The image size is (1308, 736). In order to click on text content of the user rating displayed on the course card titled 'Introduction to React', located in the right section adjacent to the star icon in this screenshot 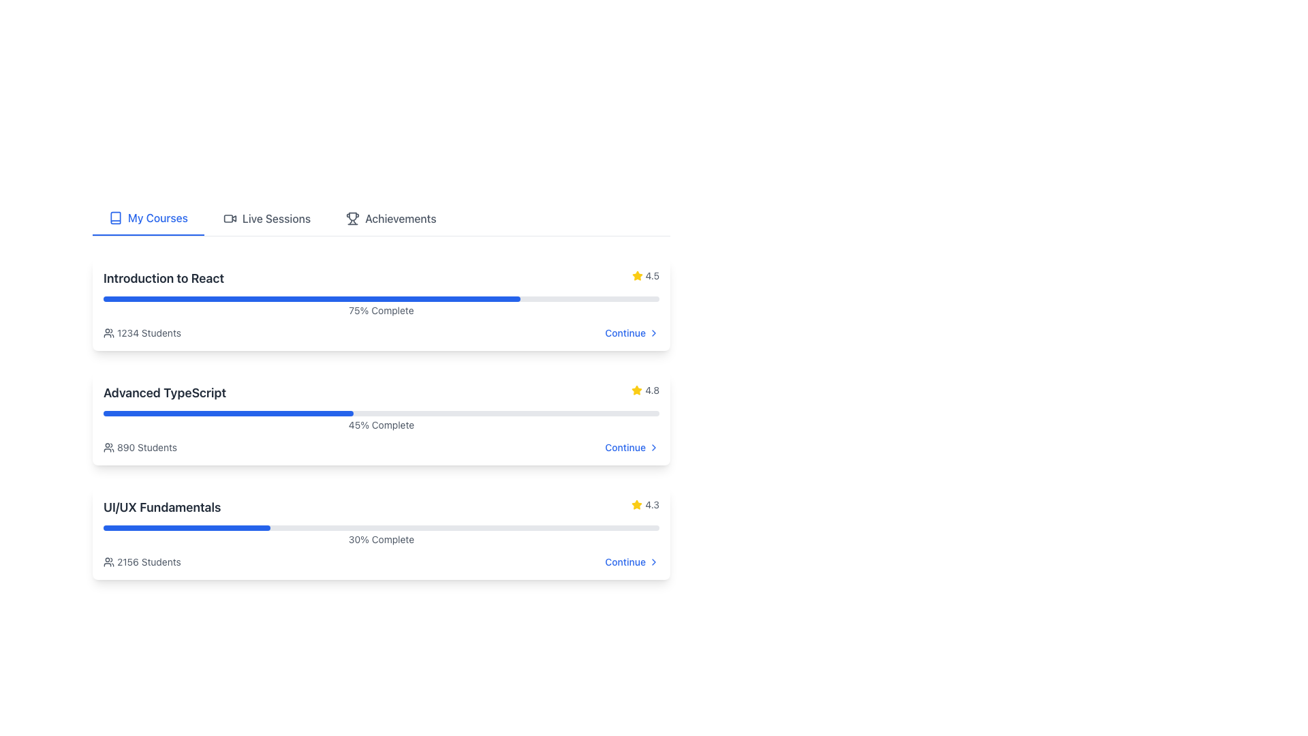, I will do `click(644, 276)`.